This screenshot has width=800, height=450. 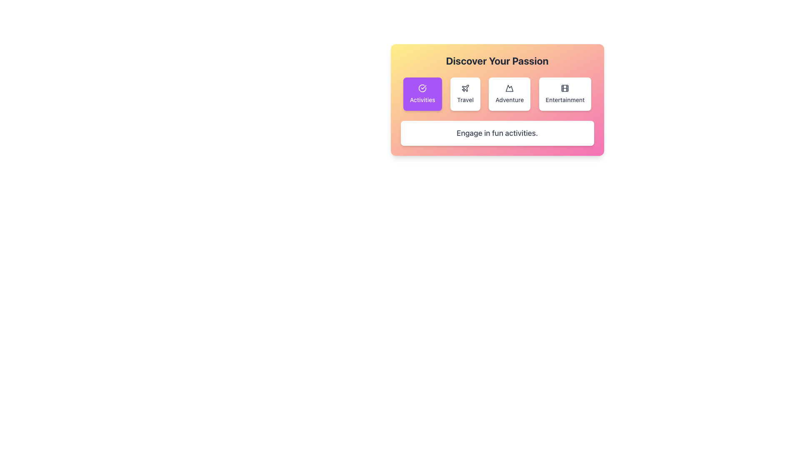 I want to click on the 'Travel' navigation button, which is the second tile among four horizontally arranged tiles, located between 'Activities' and 'Adventure', so click(x=465, y=94).